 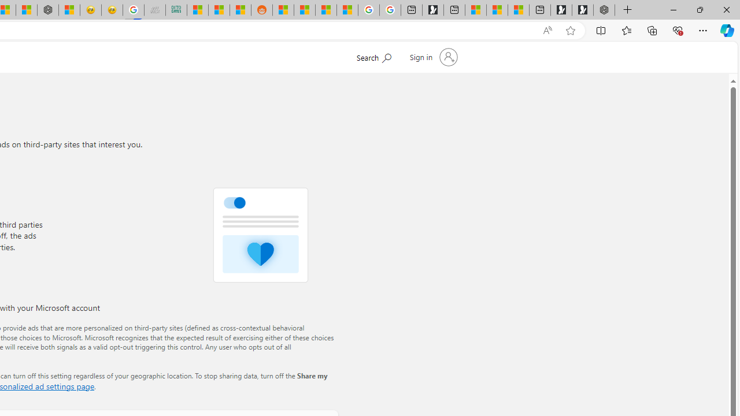 What do you see at coordinates (432, 10) in the screenshot?
I see `'Microsoft Start Gaming'` at bounding box center [432, 10].